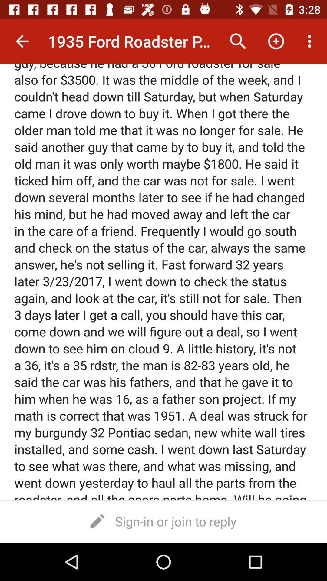 The image size is (327, 581). What do you see at coordinates (163, 521) in the screenshot?
I see `sign in to the app` at bounding box center [163, 521].